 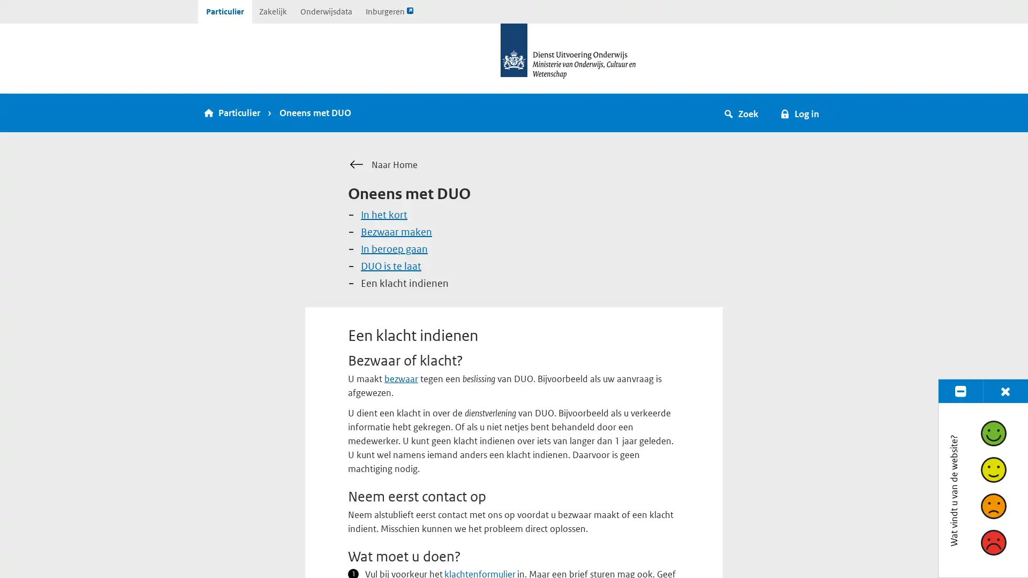 What do you see at coordinates (992, 506) in the screenshot?
I see `Matig` at bounding box center [992, 506].